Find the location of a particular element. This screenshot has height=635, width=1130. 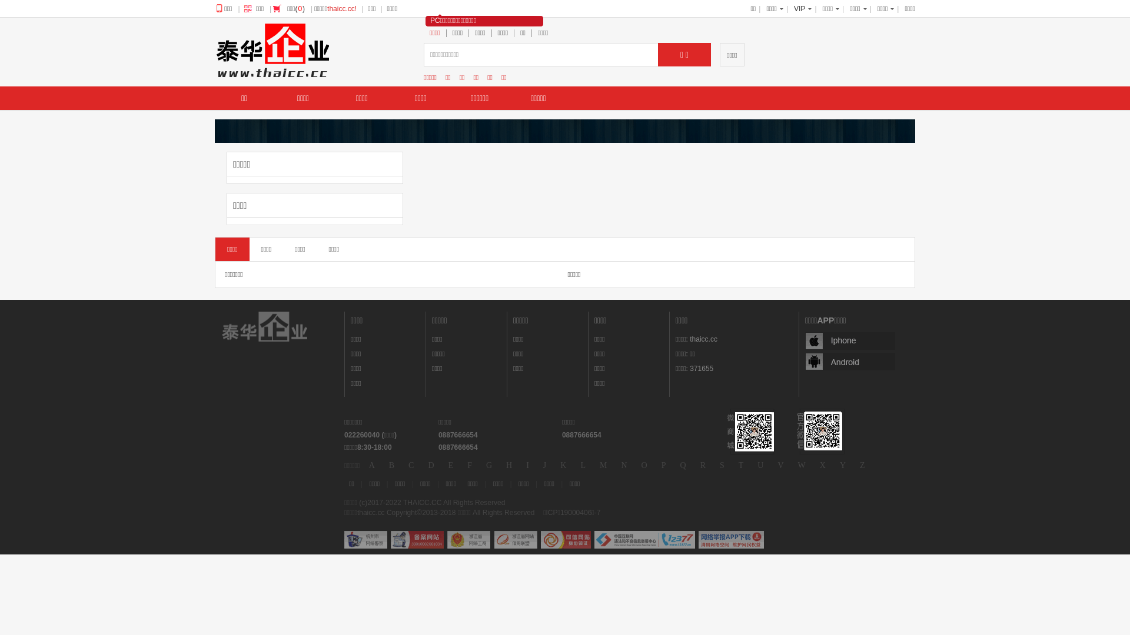

'V' is located at coordinates (780, 464).